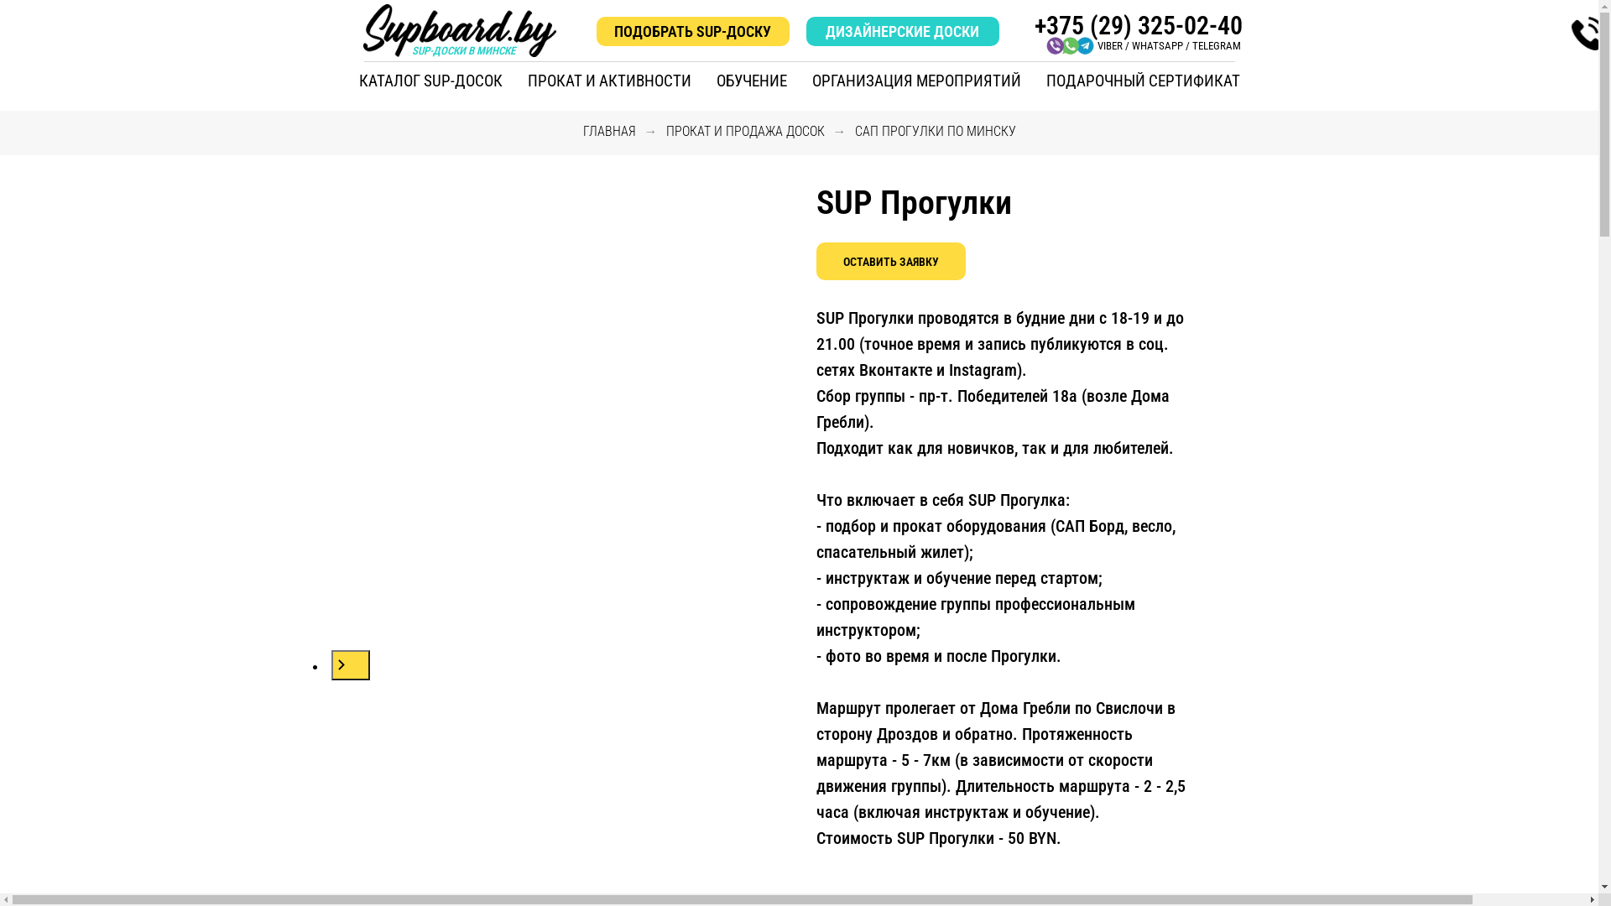 The width and height of the screenshot is (1611, 906). I want to click on '+375 (29) 325-02-40', so click(1138, 25).